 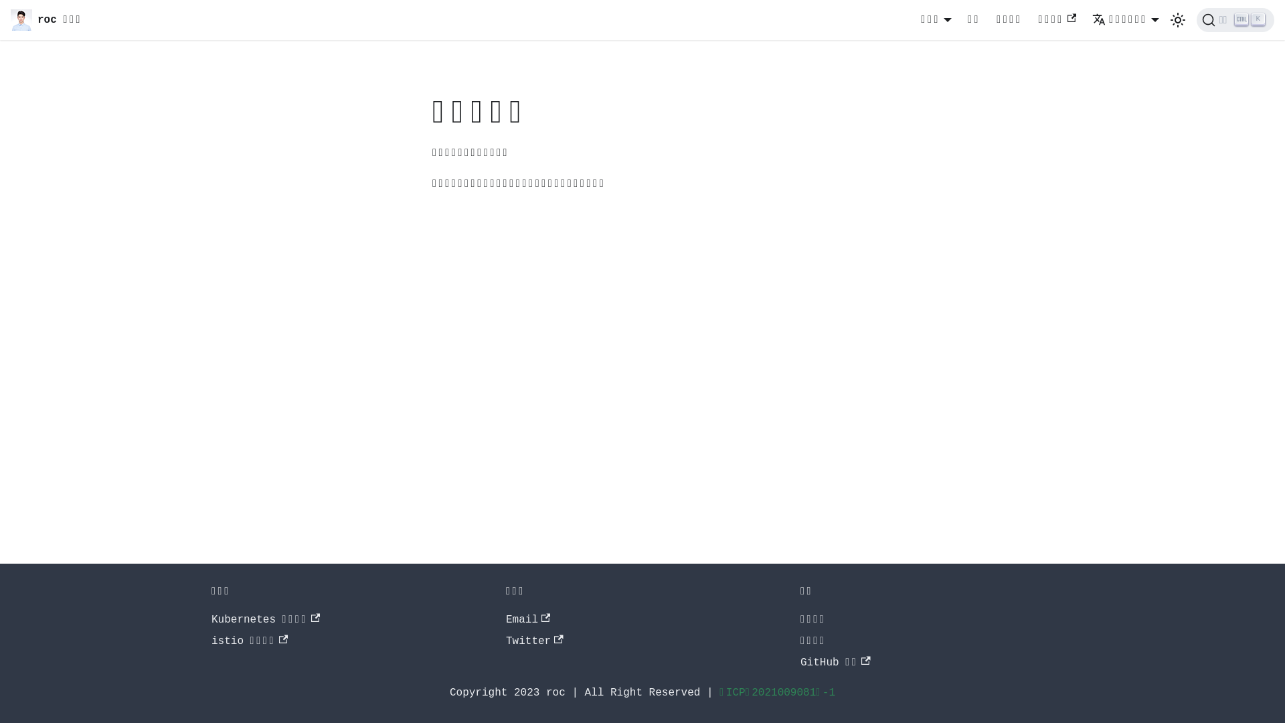 I want to click on 'Email', so click(x=527, y=619).